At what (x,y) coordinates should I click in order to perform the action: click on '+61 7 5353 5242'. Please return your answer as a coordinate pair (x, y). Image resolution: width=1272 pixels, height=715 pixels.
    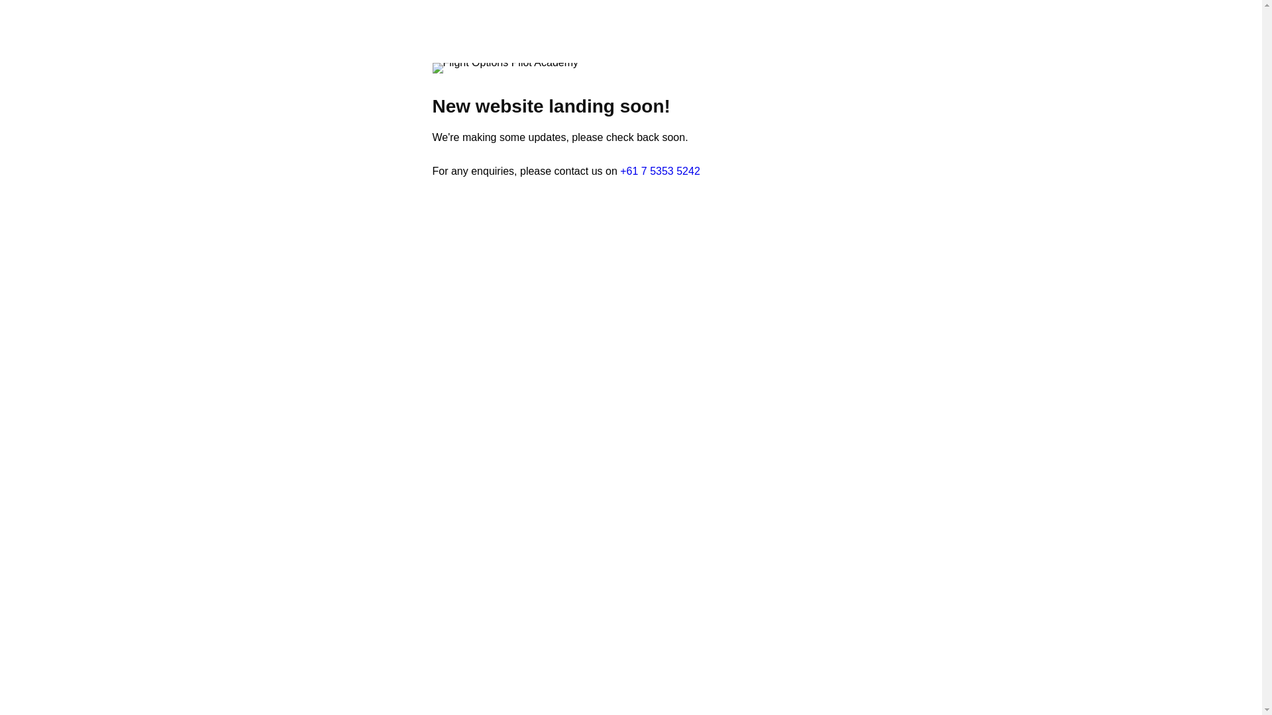
    Looking at the image, I should click on (660, 170).